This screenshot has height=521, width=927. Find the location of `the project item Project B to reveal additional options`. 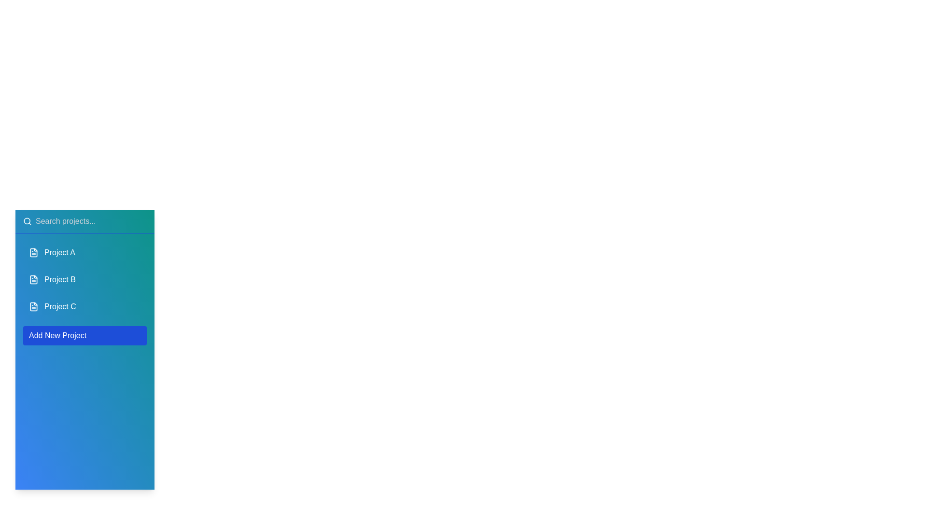

the project item Project B to reveal additional options is located at coordinates (85, 279).